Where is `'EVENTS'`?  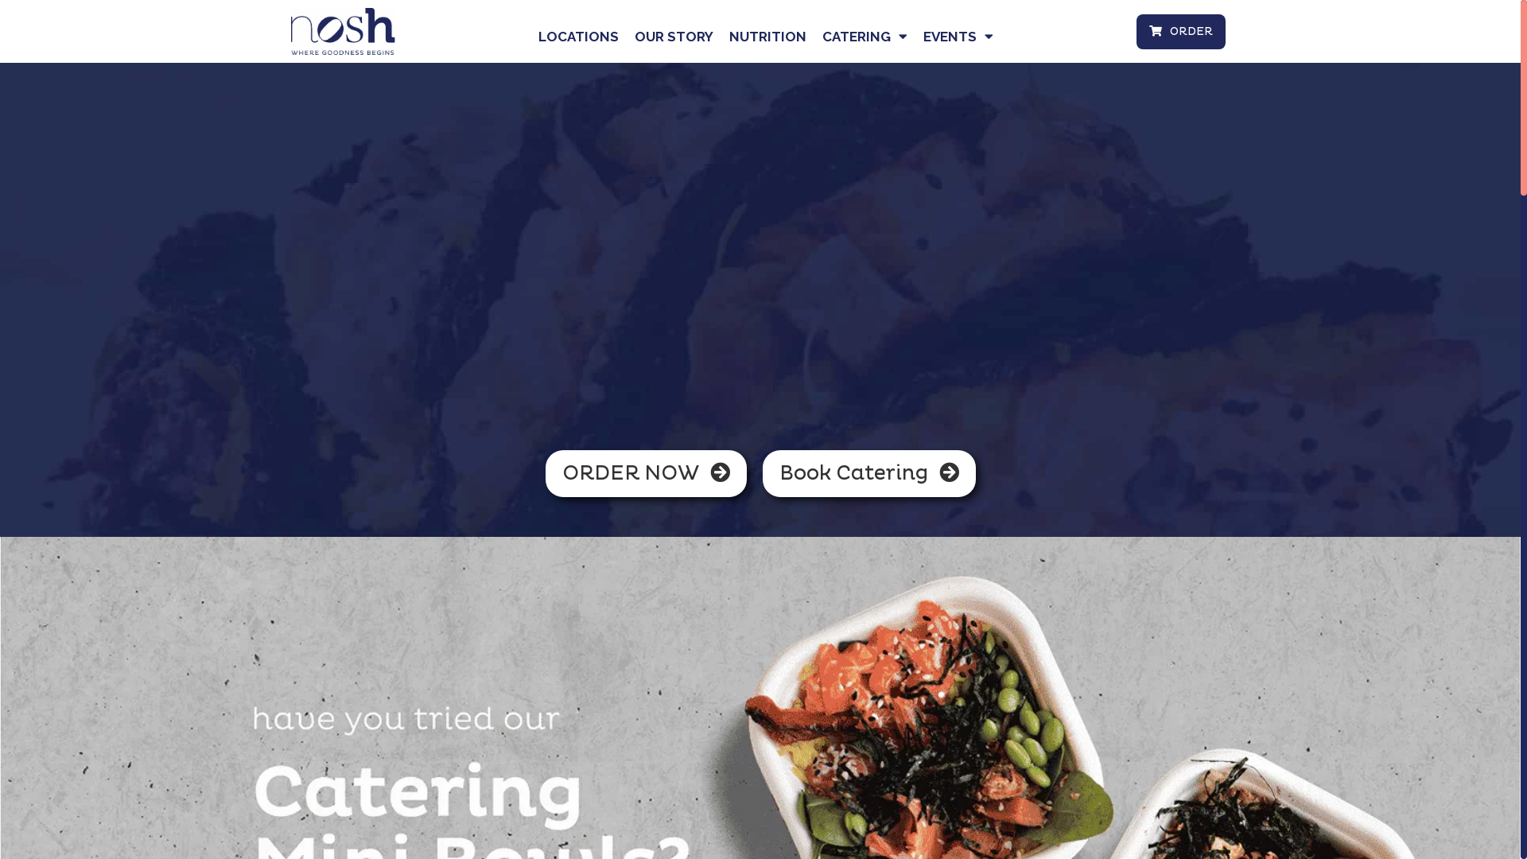
'EVENTS' is located at coordinates (957, 36).